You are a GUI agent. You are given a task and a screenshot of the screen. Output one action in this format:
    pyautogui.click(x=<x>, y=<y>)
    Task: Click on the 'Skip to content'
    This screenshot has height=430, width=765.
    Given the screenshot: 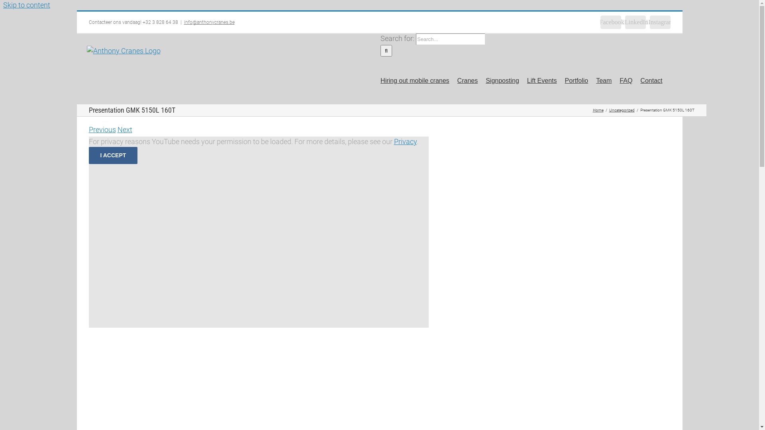 What is the action you would take?
    pyautogui.click(x=27, y=5)
    